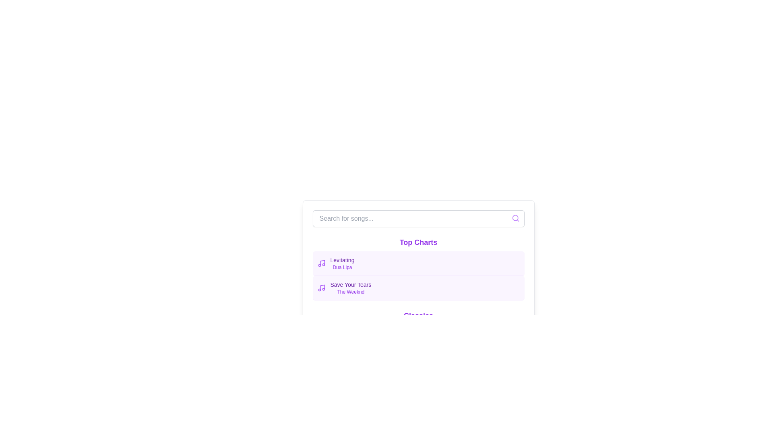  What do you see at coordinates (515, 218) in the screenshot?
I see `the search icon styled as a magnifying glass with a purple outline, located inside the text input field aligned to its right edge` at bounding box center [515, 218].